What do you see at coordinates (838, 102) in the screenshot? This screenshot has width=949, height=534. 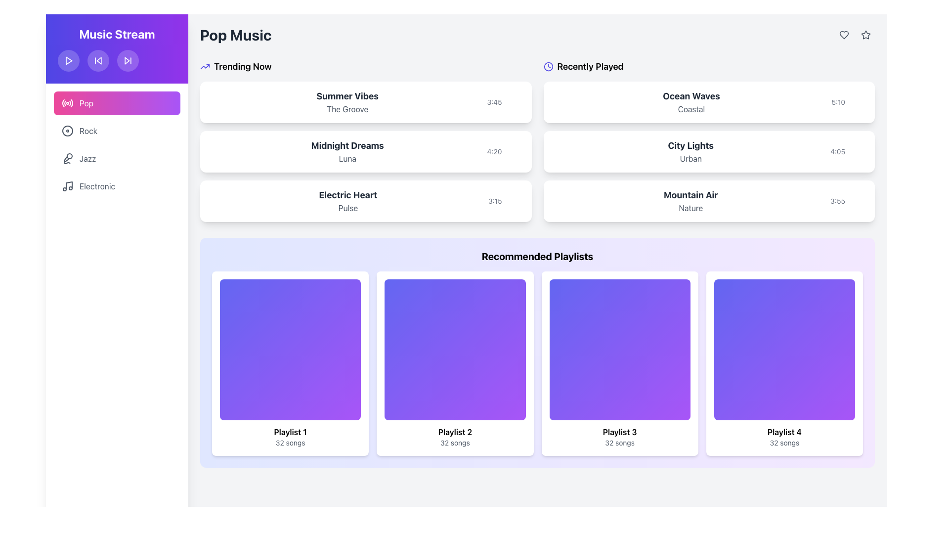 I see `the text label displaying the duration or timestamp of the 'Ocean Waves' song in the 'Recently Played' section, which is located to the right of the song title and subtitle` at bounding box center [838, 102].